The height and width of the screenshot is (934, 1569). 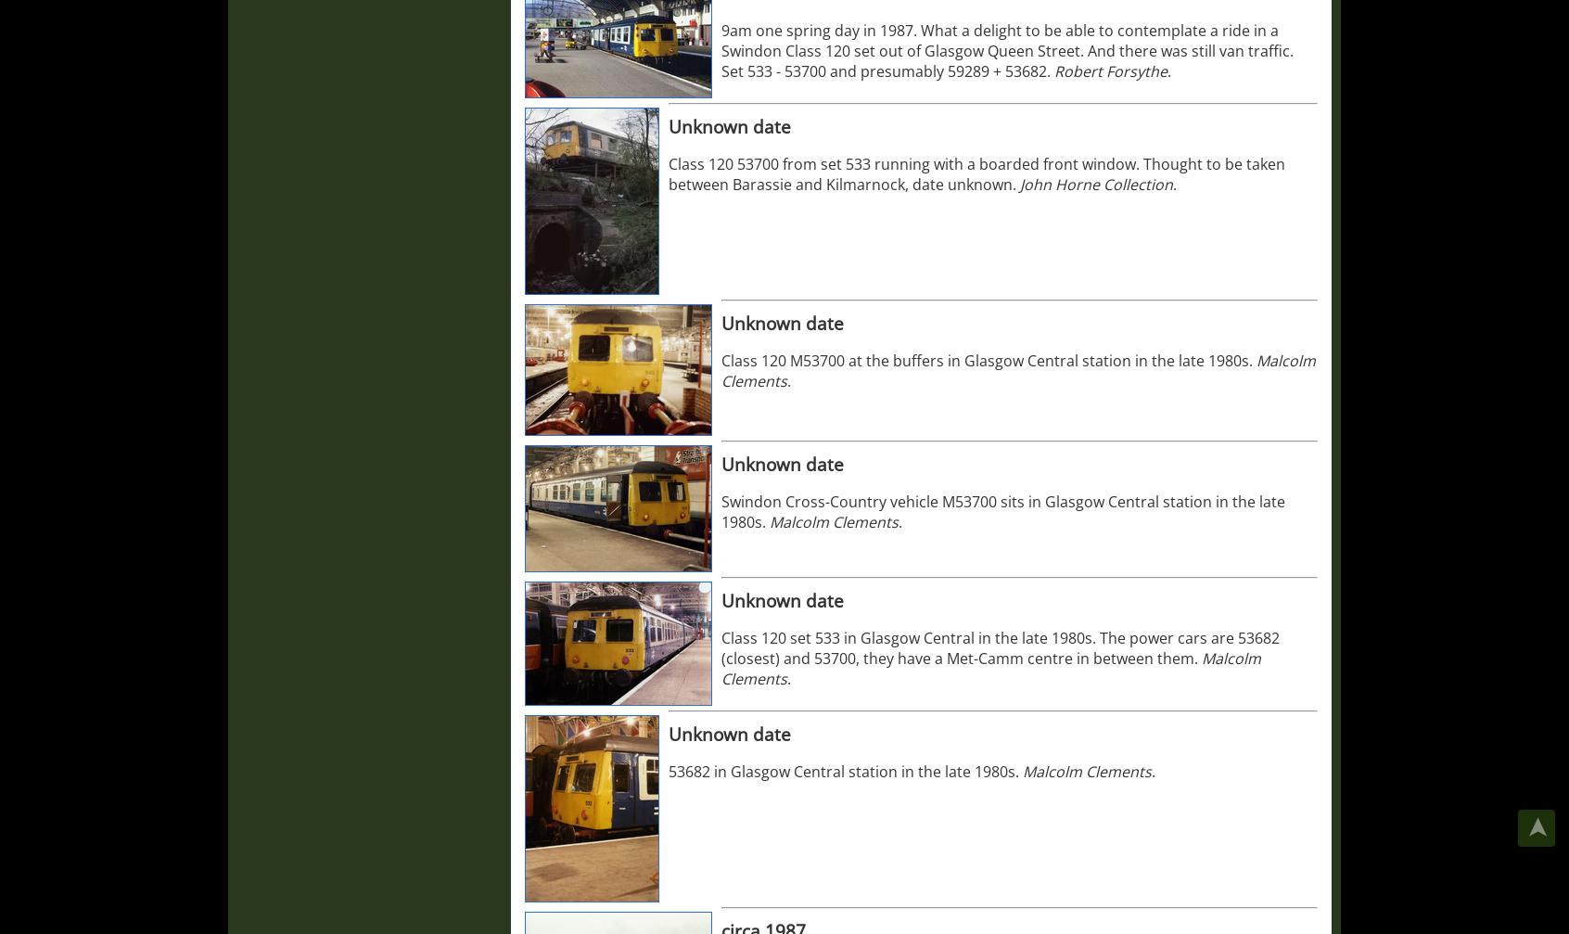 What do you see at coordinates (989, 361) in the screenshot?
I see `'Class 120 M53700 at the buffers in Glasgow Central station in the late 1980s.'` at bounding box center [989, 361].